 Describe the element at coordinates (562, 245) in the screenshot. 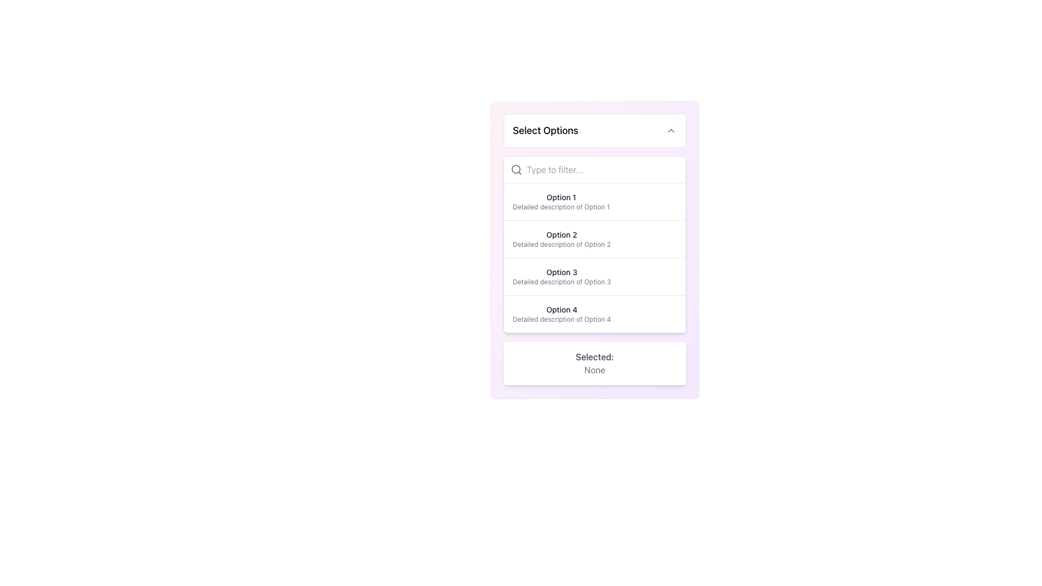

I see `text label displaying 'Detailed description of Option 2', which is styled with a small, gray font and located beneath the main label 'Option 2'` at that location.